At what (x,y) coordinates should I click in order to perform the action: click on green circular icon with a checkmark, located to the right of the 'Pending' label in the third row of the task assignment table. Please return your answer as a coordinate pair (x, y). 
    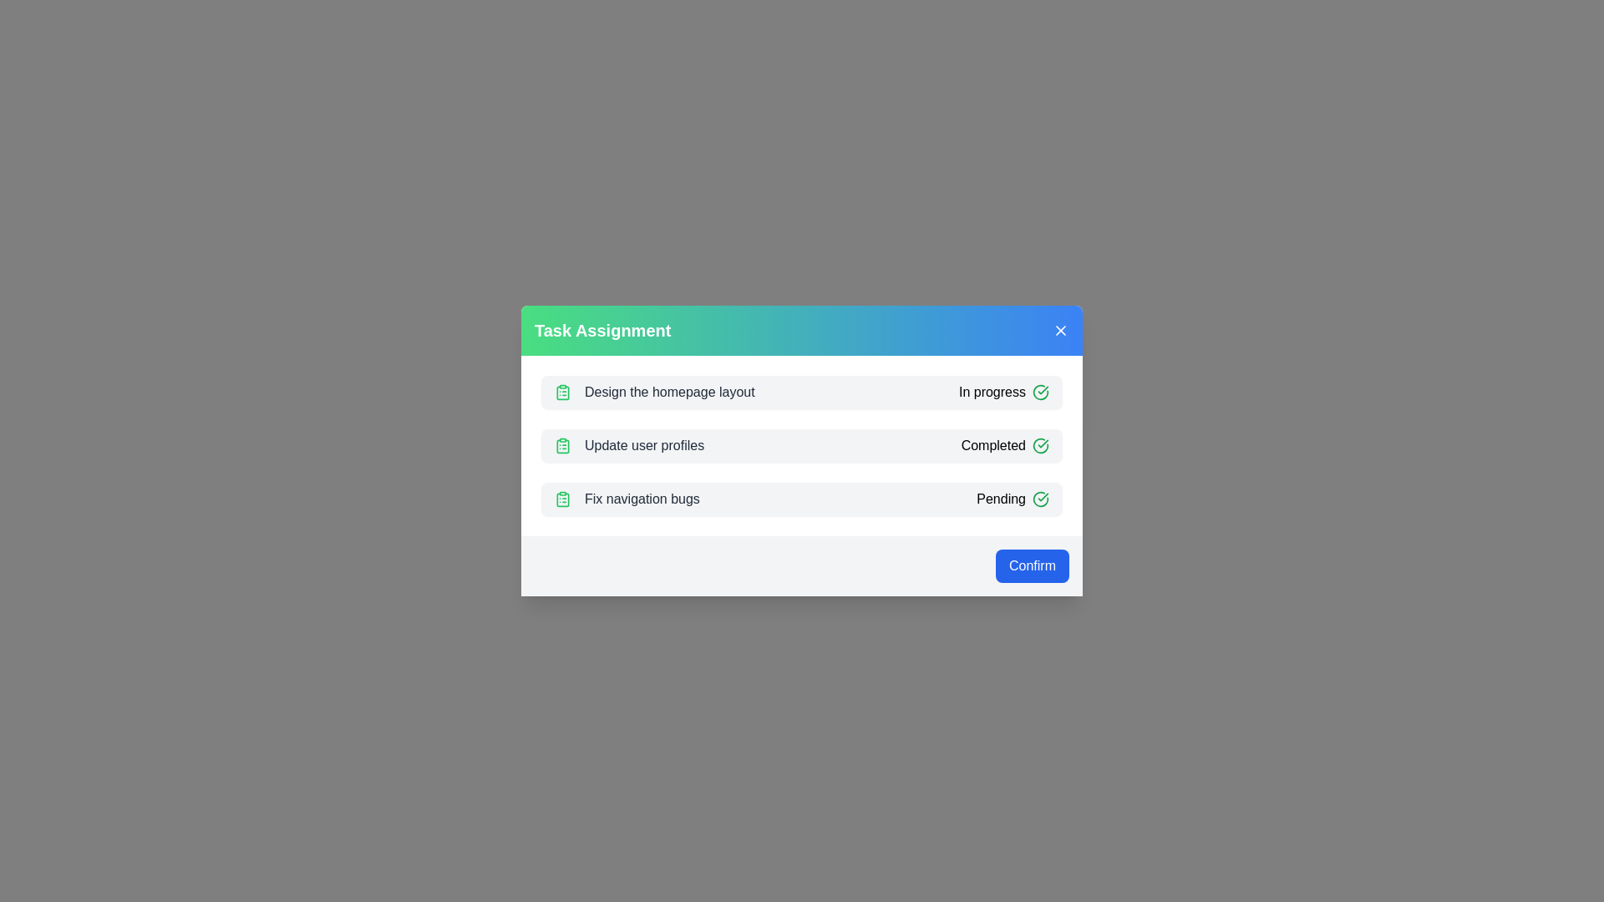
    Looking at the image, I should click on (1040, 498).